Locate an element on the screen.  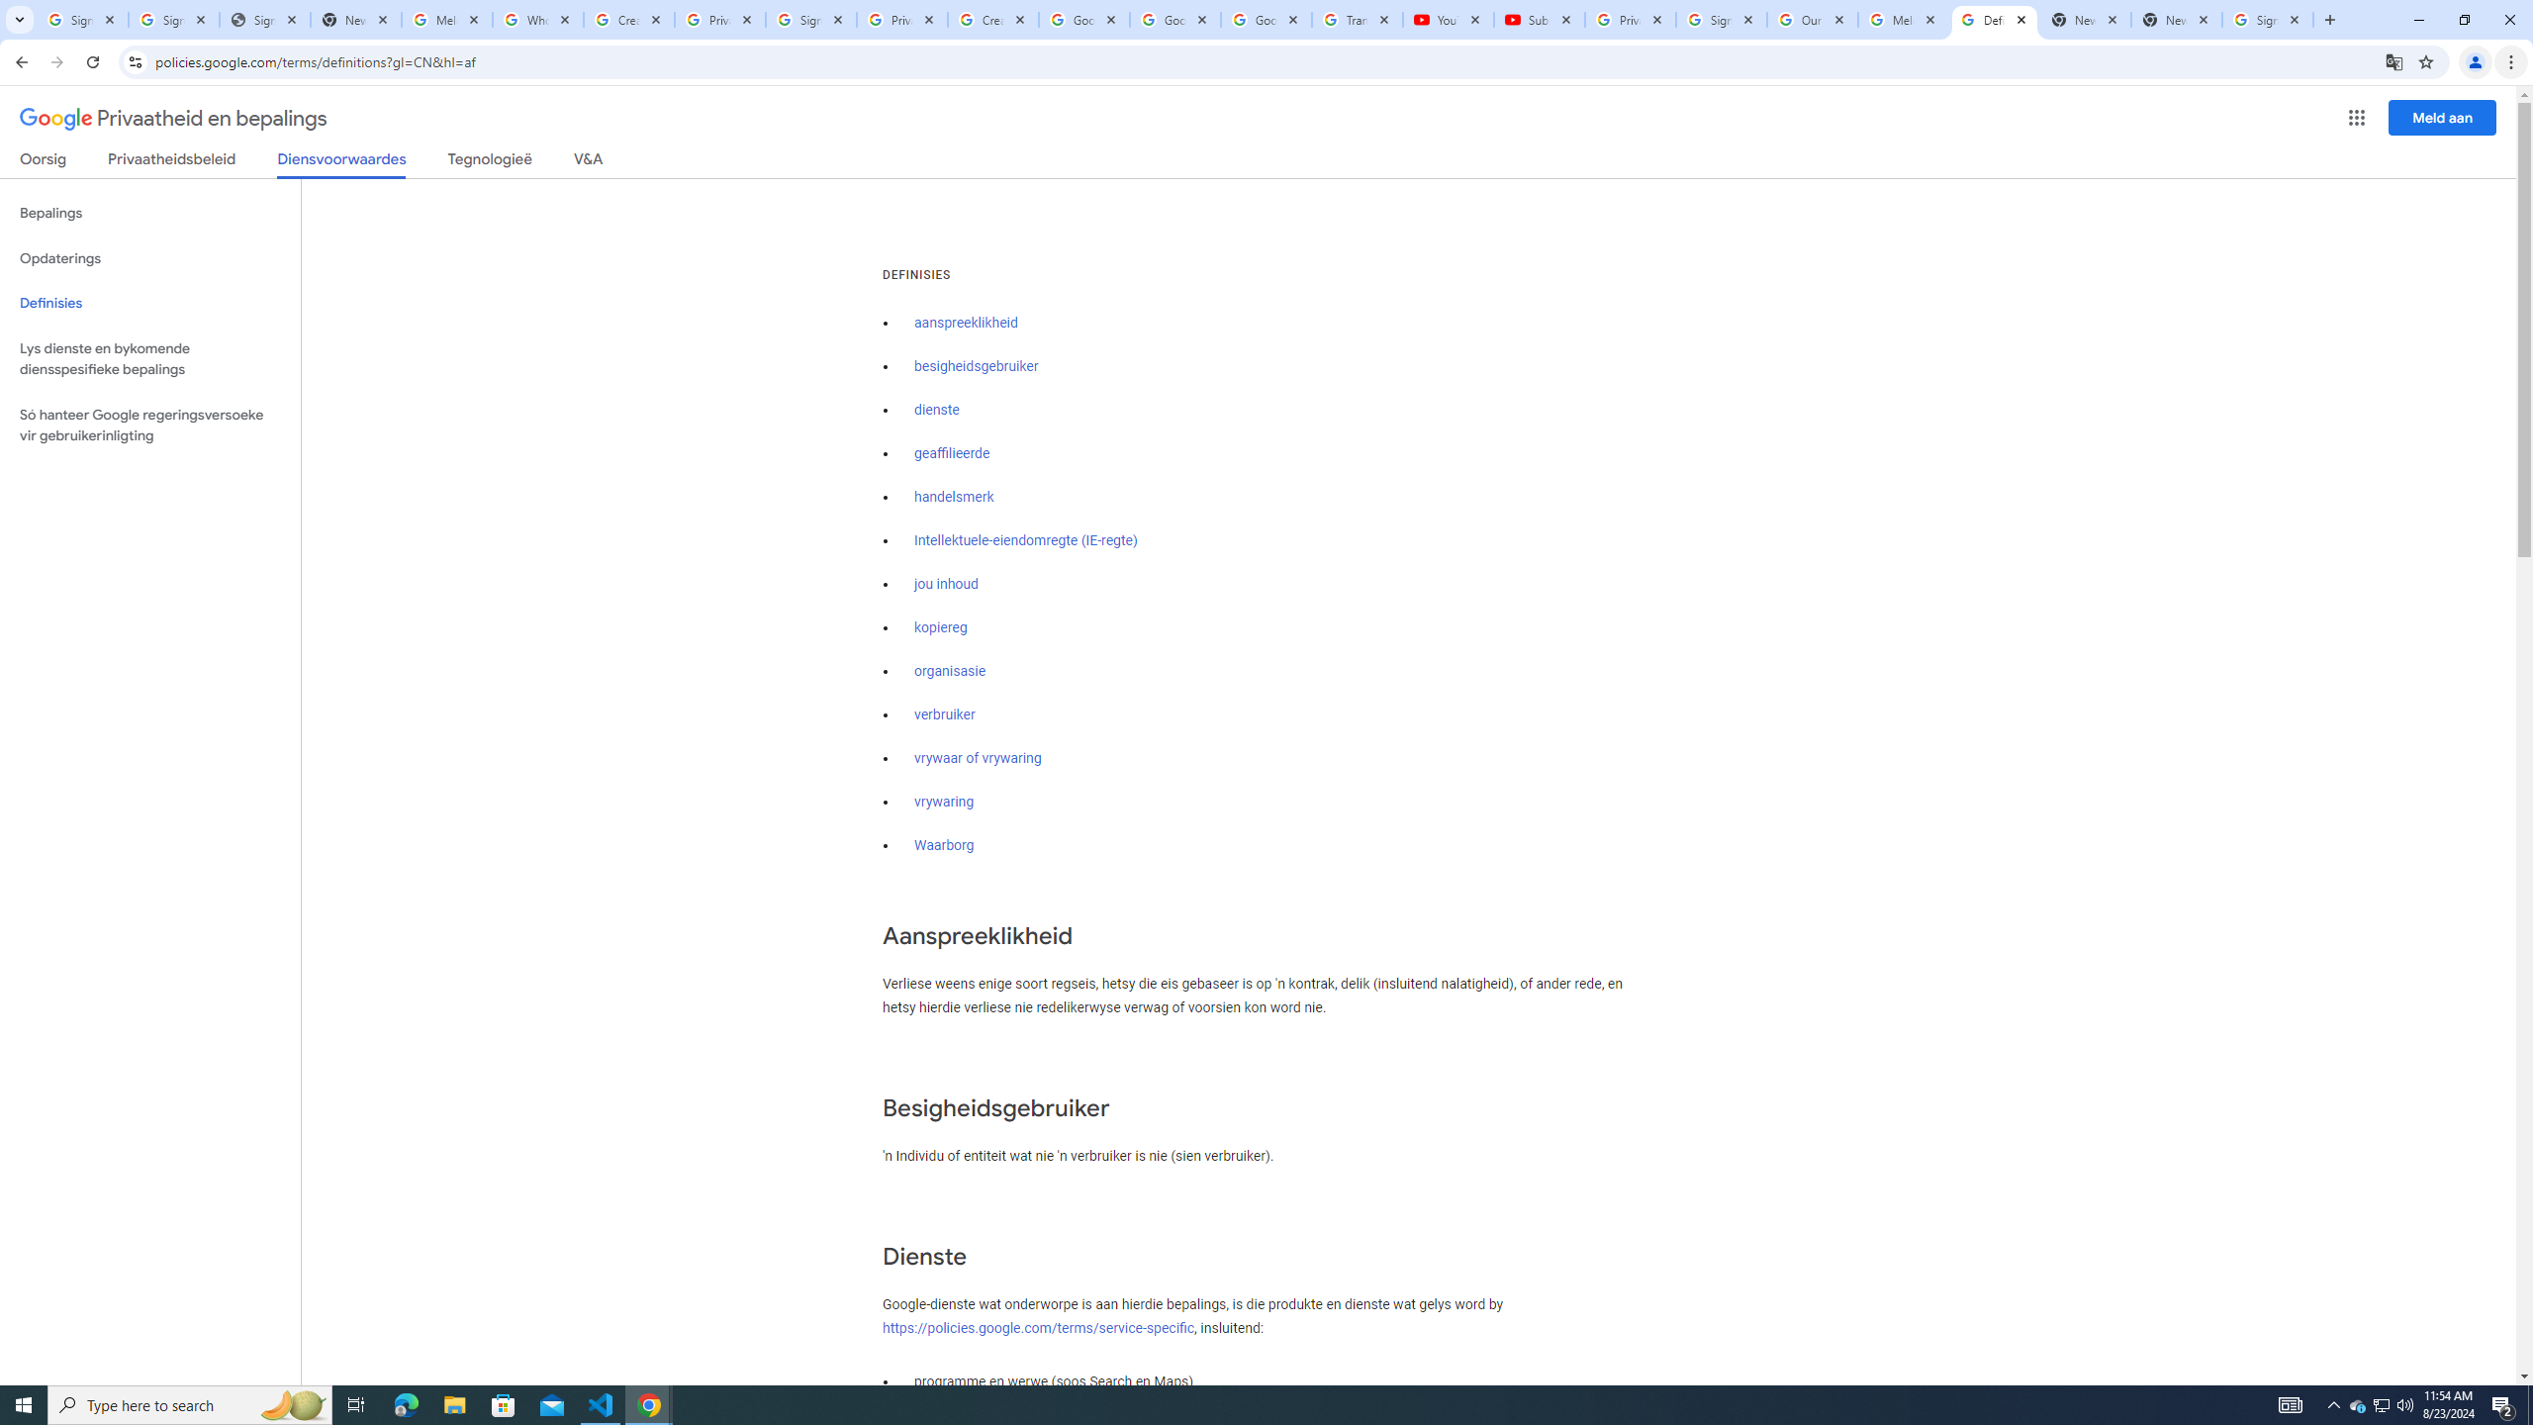
'Google-programme' is located at coordinates (2357, 117).